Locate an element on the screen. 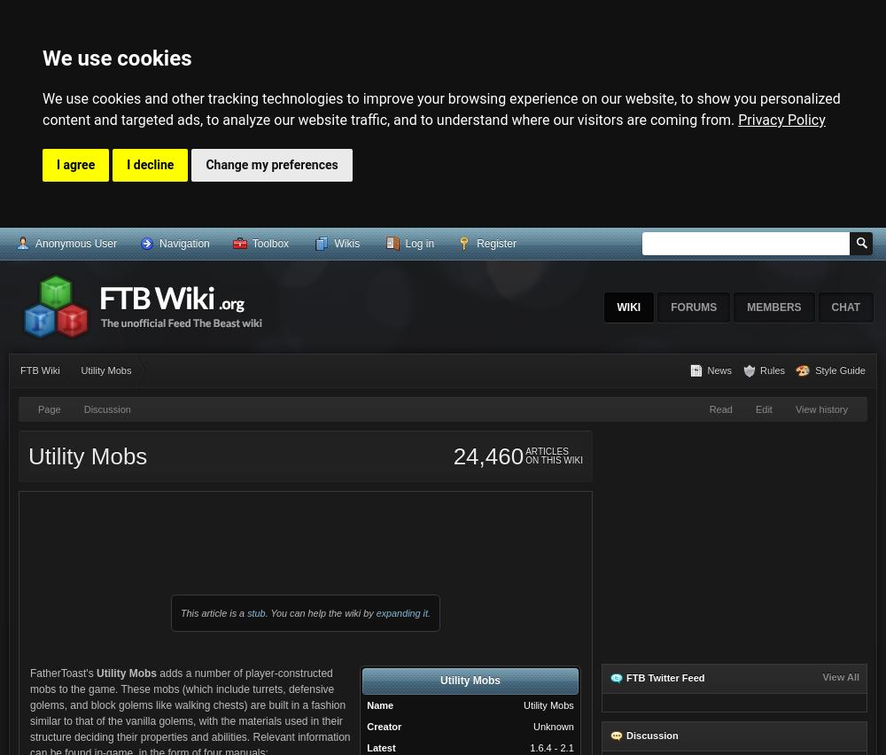  '24,460' is located at coordinates (453, 455).